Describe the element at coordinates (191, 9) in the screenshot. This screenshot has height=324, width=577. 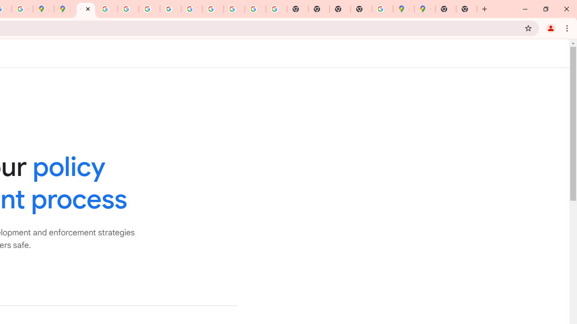
I see `'YouTube'` at that location.